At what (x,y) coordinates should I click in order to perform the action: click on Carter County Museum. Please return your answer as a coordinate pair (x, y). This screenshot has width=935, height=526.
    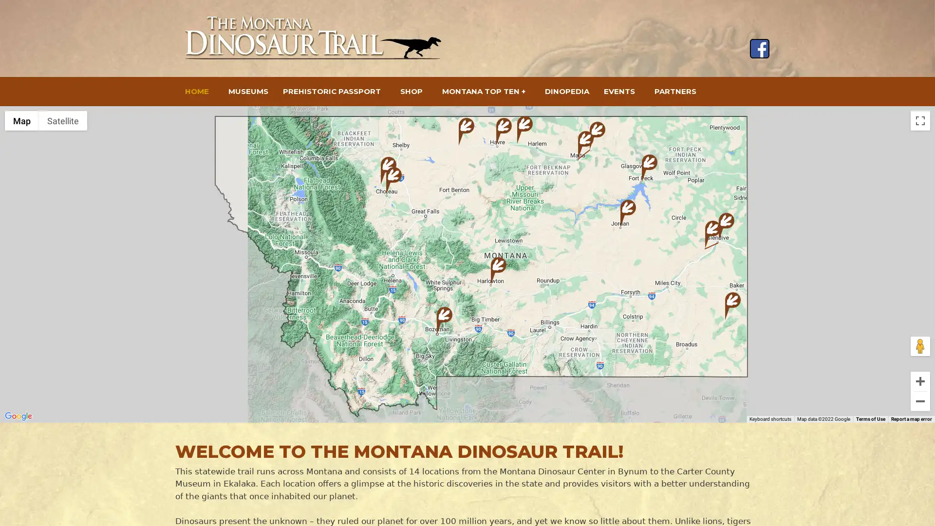
    Looking at the image, I should click on (733, 305).